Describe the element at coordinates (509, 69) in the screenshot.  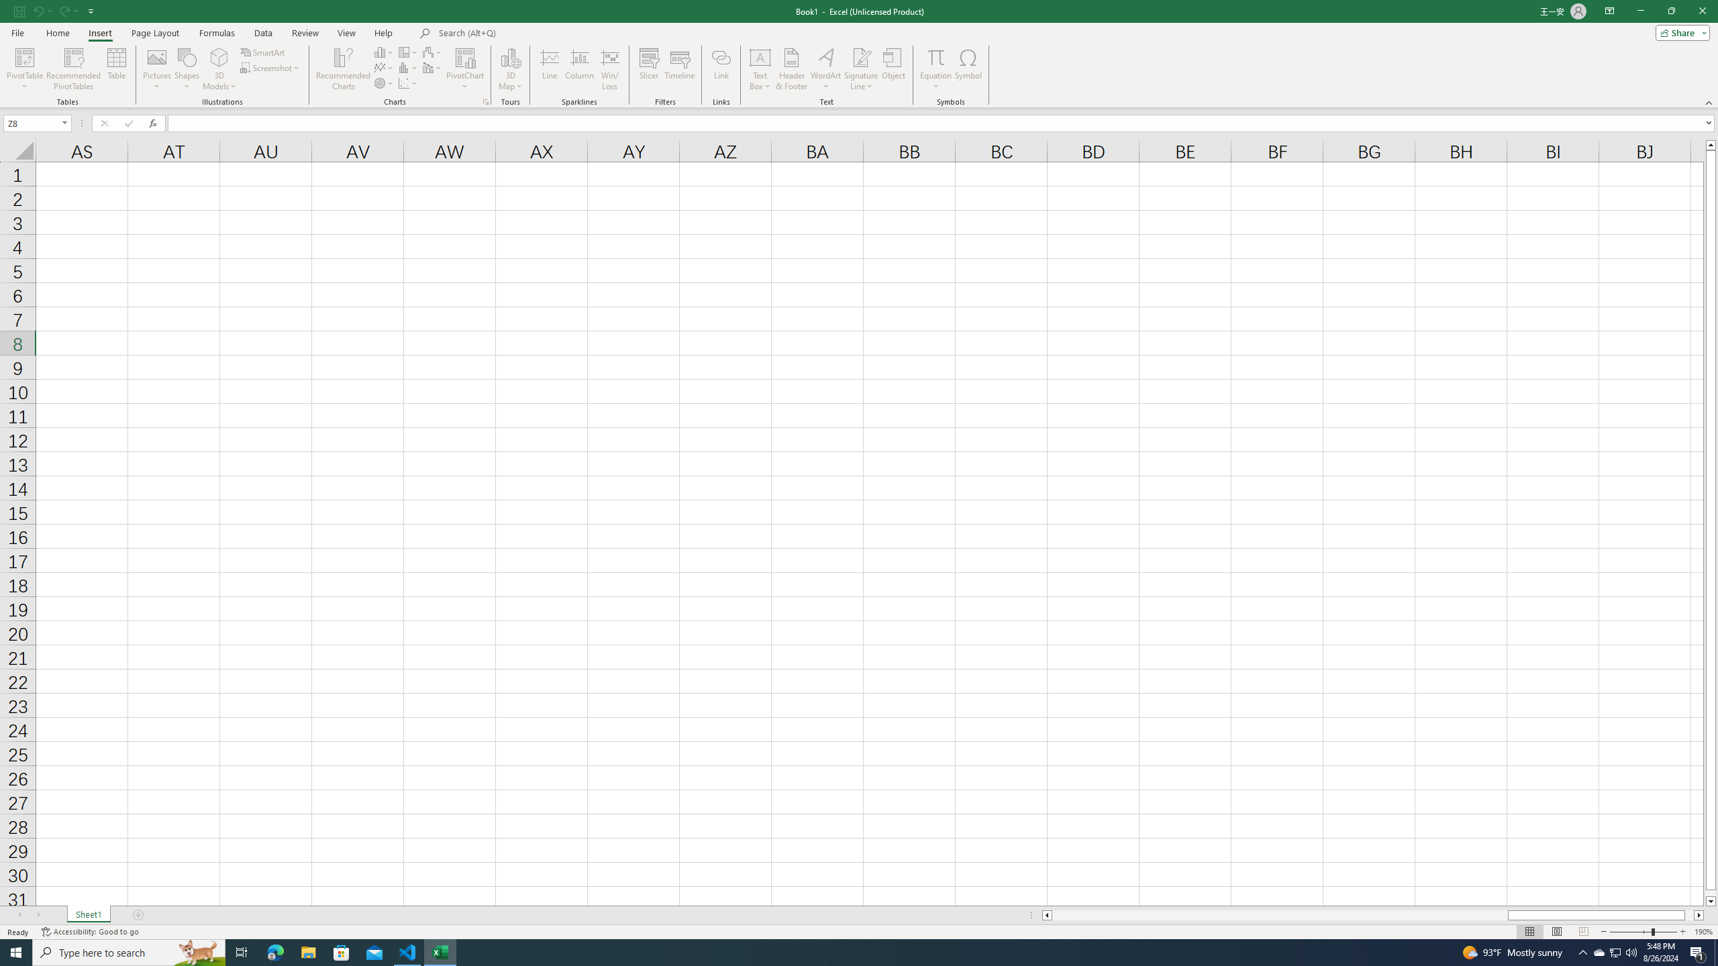
I see `'3D Map'` at that location.